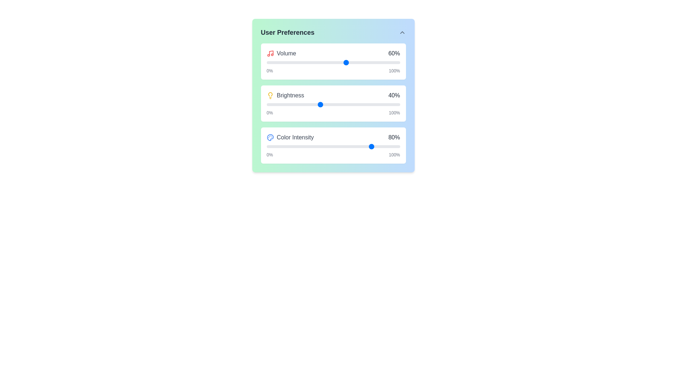 Image resolution: width=696 pixels, height=391 pixels. I want to click on the Range slider located below the 'Color Intensity' label and above the '0%' and '100%' labels to receive feedback, so click(333, 147).